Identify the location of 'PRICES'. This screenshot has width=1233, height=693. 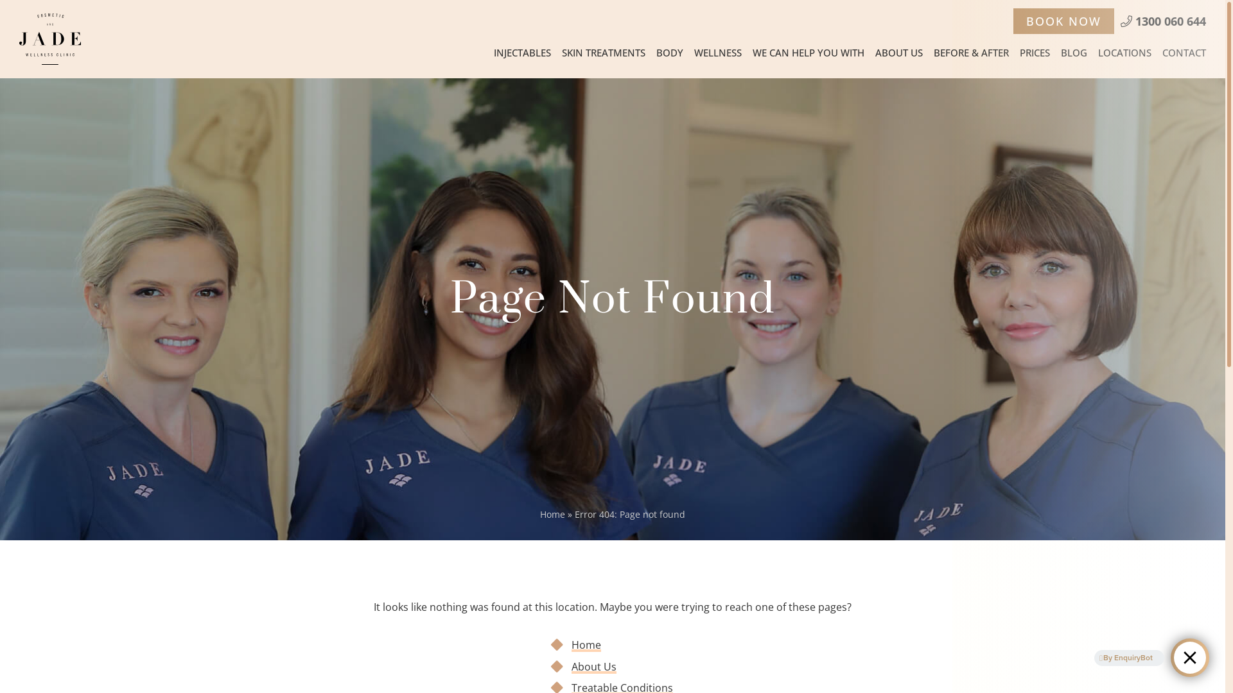
(1035, 51).